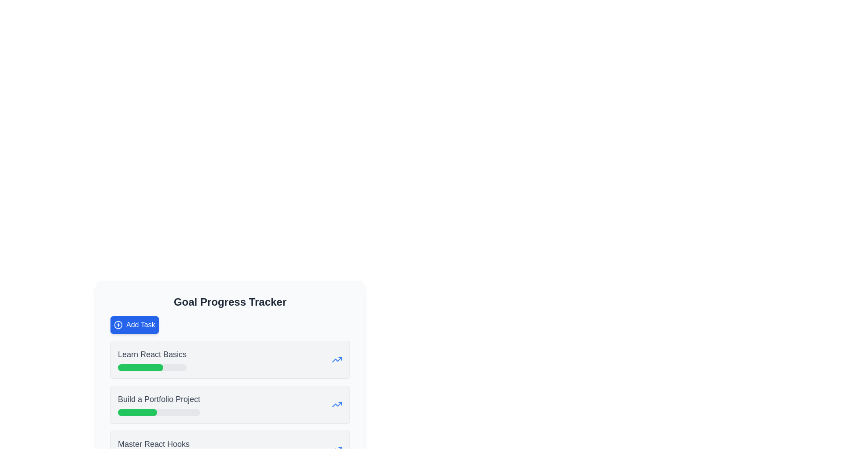  What do you see at coordinates (337, 449) in the screenshot?
I see `the progress indicator icon located in the 'Master React Hooks' section, positioned to the right of the text` at bounding box center [337, 449].